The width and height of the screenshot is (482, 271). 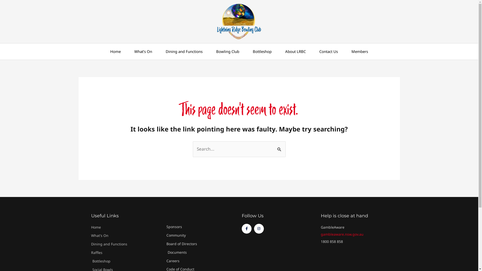 I want to click on 'Instagram', so click(x=259, y=229).